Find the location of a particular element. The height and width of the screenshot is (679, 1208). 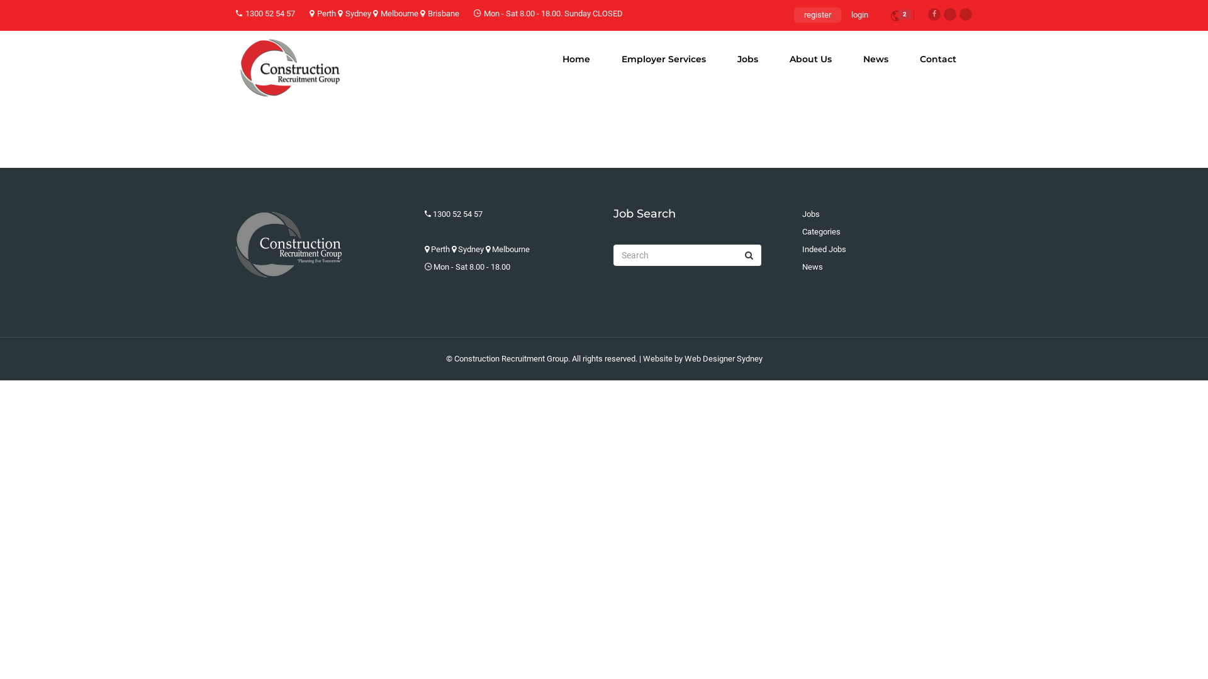

'Linkedin' is located at coordinates (965, 14).